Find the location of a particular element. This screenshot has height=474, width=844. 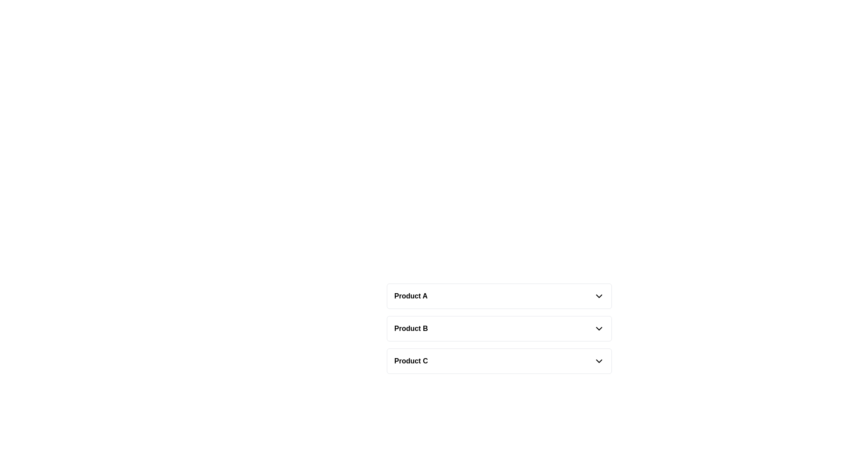

the second card in the vertically stacked list is located at coordinates (499, 328).